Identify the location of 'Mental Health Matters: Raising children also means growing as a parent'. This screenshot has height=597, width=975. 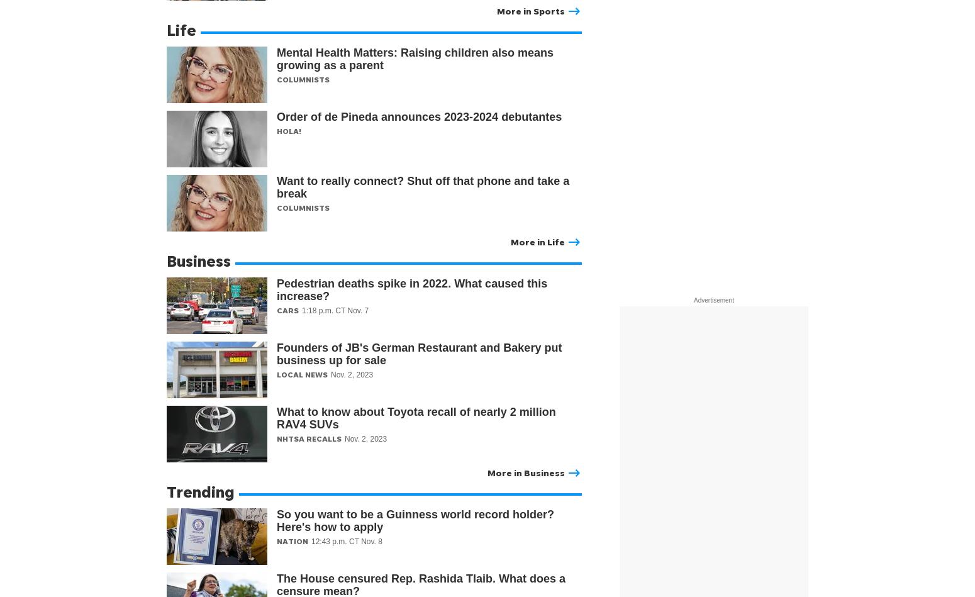
(414, 59).